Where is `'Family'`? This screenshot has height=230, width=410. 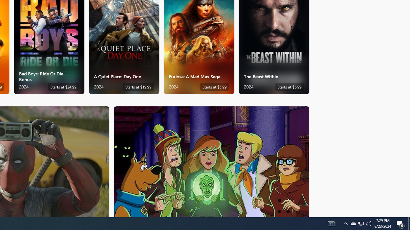
'Family' is located at coordinates (211, 161).